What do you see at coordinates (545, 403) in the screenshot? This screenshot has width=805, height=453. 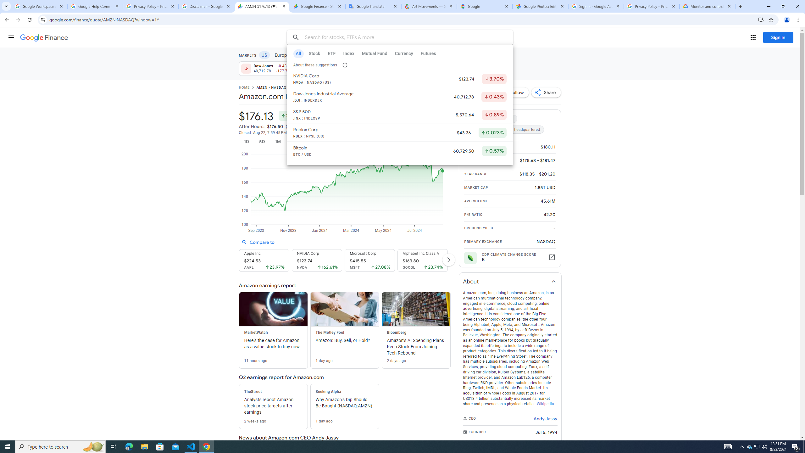 I see `'Wikipedia'` at bounding box center [545, 403].